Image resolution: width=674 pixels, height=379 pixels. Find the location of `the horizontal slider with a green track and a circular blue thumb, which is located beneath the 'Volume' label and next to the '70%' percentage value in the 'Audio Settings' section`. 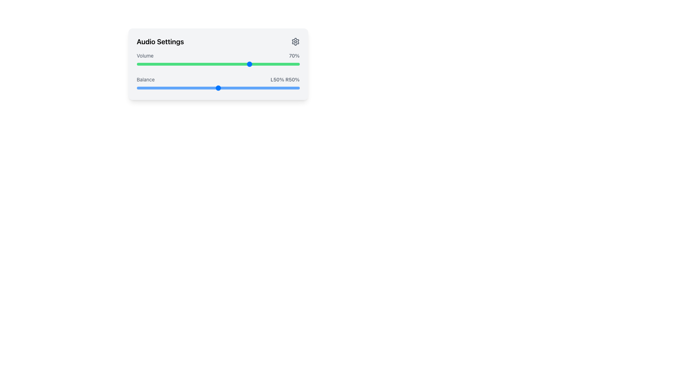

the horizontal slider with a green track and a circular blue thumb, which is located beneath the 'Volume' label and next to the '70%' percentage value in the 'Audio Settings' section is located at coordinates (218, 64).